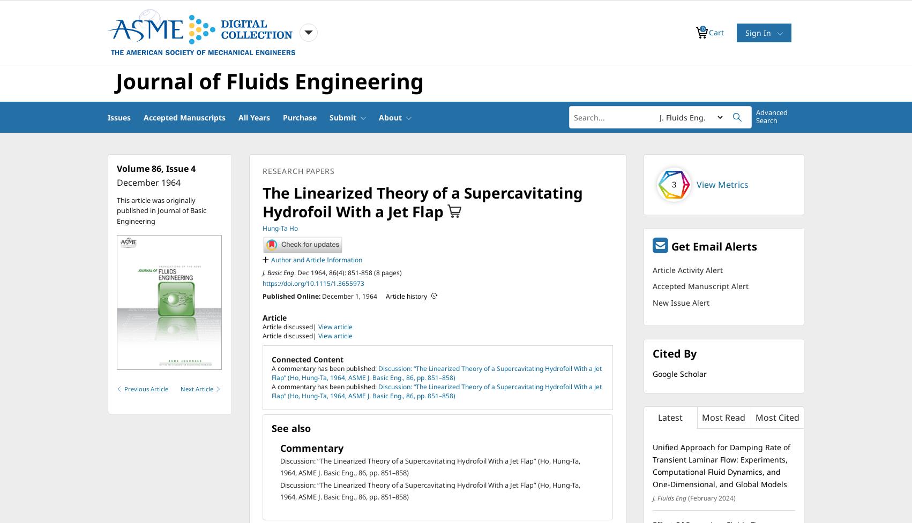 The width and height of the screenshot is (912, 523). What do you see at coordinates (681, 301) in the screenshot?
I see `'New Issue Alert'` at bounding box center [681, 301].